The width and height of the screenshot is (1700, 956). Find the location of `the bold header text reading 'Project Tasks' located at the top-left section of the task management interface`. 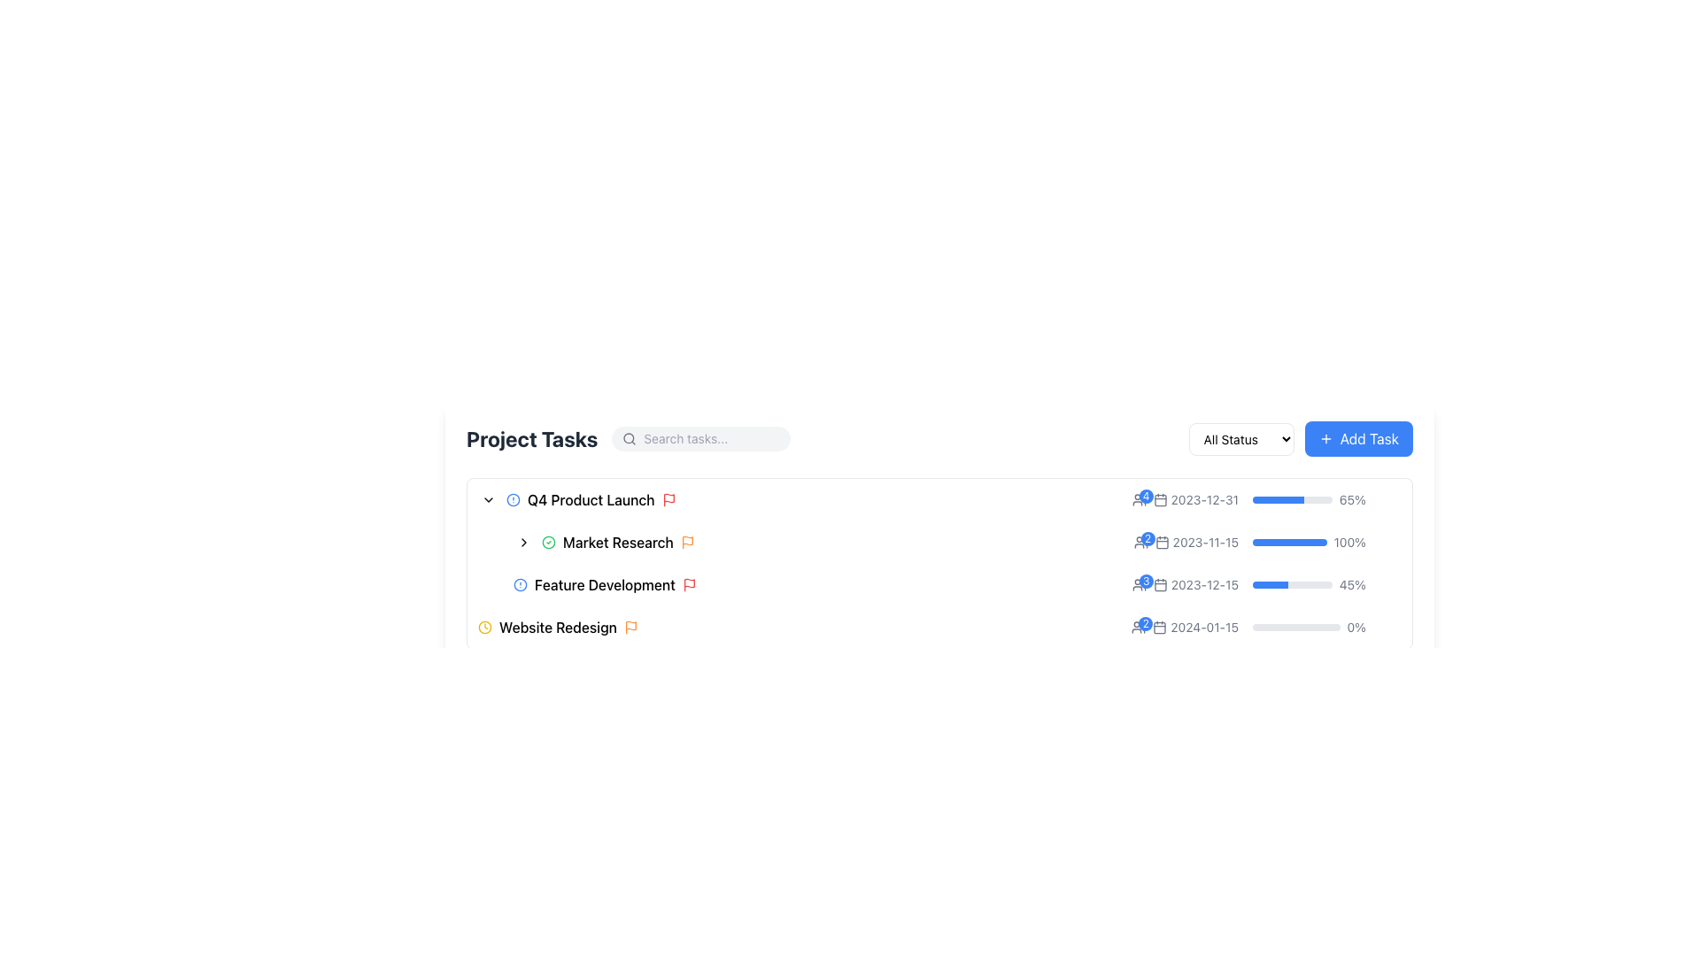

the bold header text reading 'Project Tasks' located at the top-left section of the task management interface is located at coordinates (531, 438).